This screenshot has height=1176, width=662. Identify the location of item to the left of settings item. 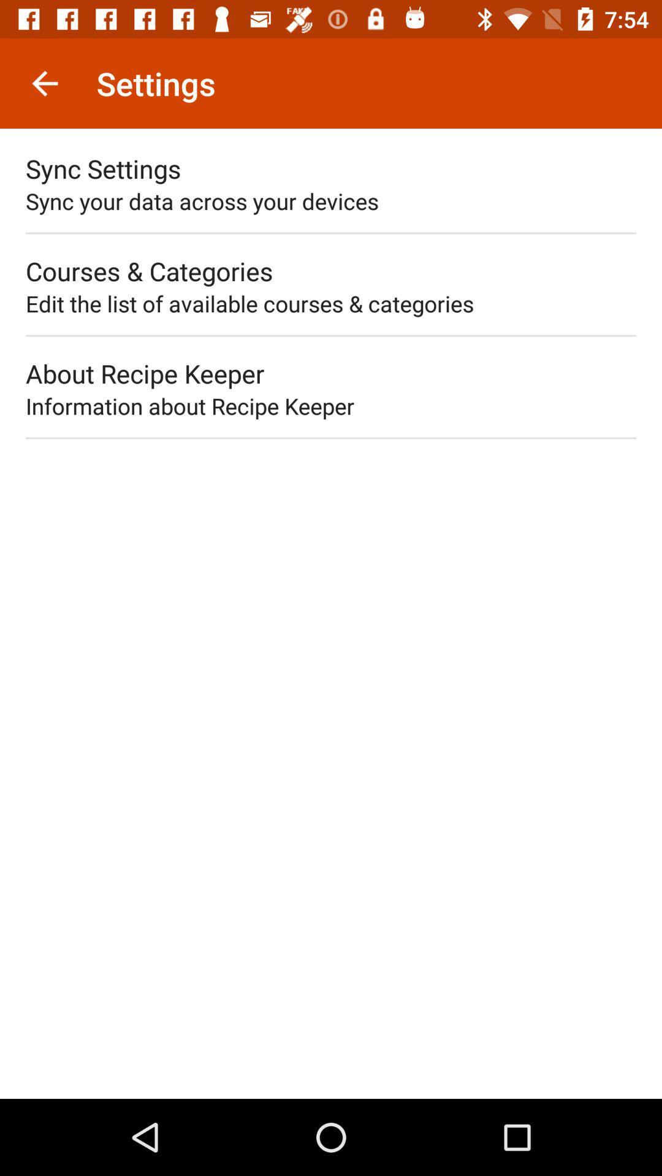
(44, 83).